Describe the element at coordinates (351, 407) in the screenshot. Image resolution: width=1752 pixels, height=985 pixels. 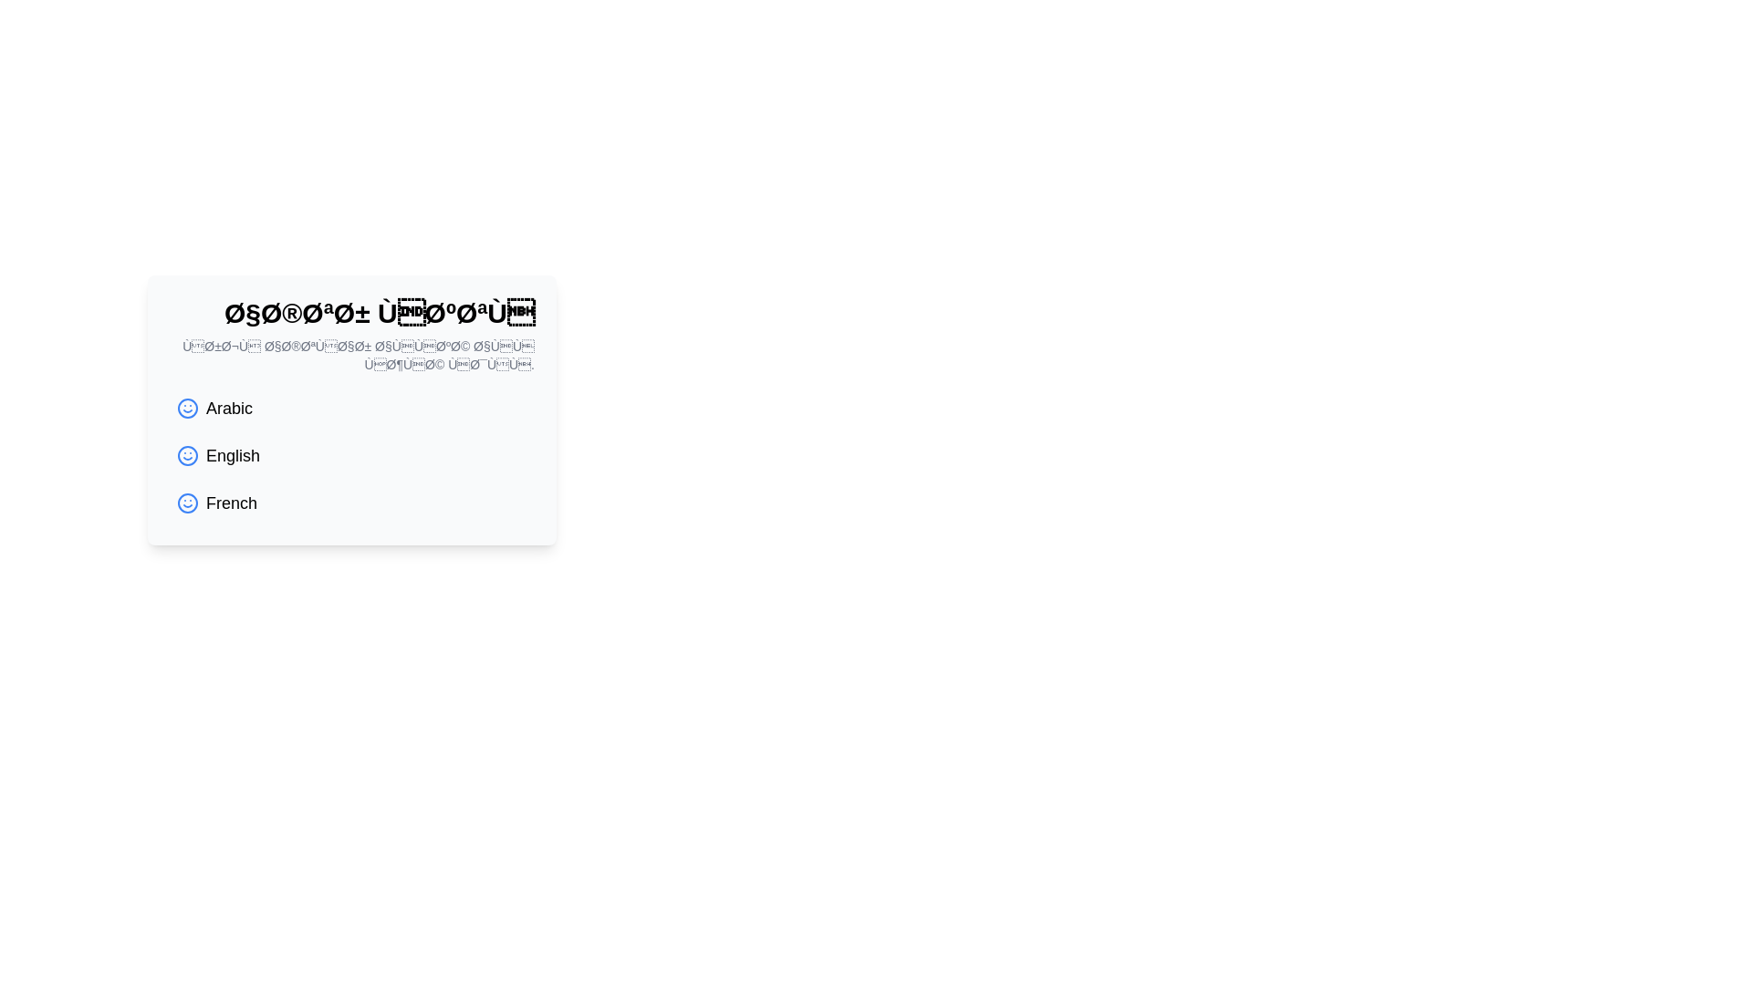
I see `the selectable language option 'Arabic'` at that location.